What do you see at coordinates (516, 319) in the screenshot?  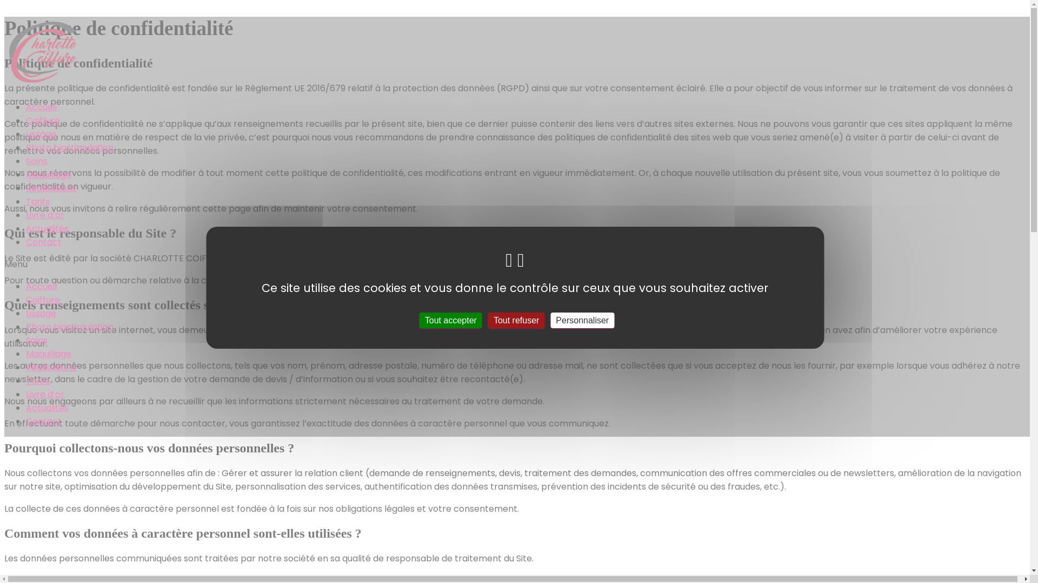 I see `'Tout refuser'` at bounding box center [516, 319].